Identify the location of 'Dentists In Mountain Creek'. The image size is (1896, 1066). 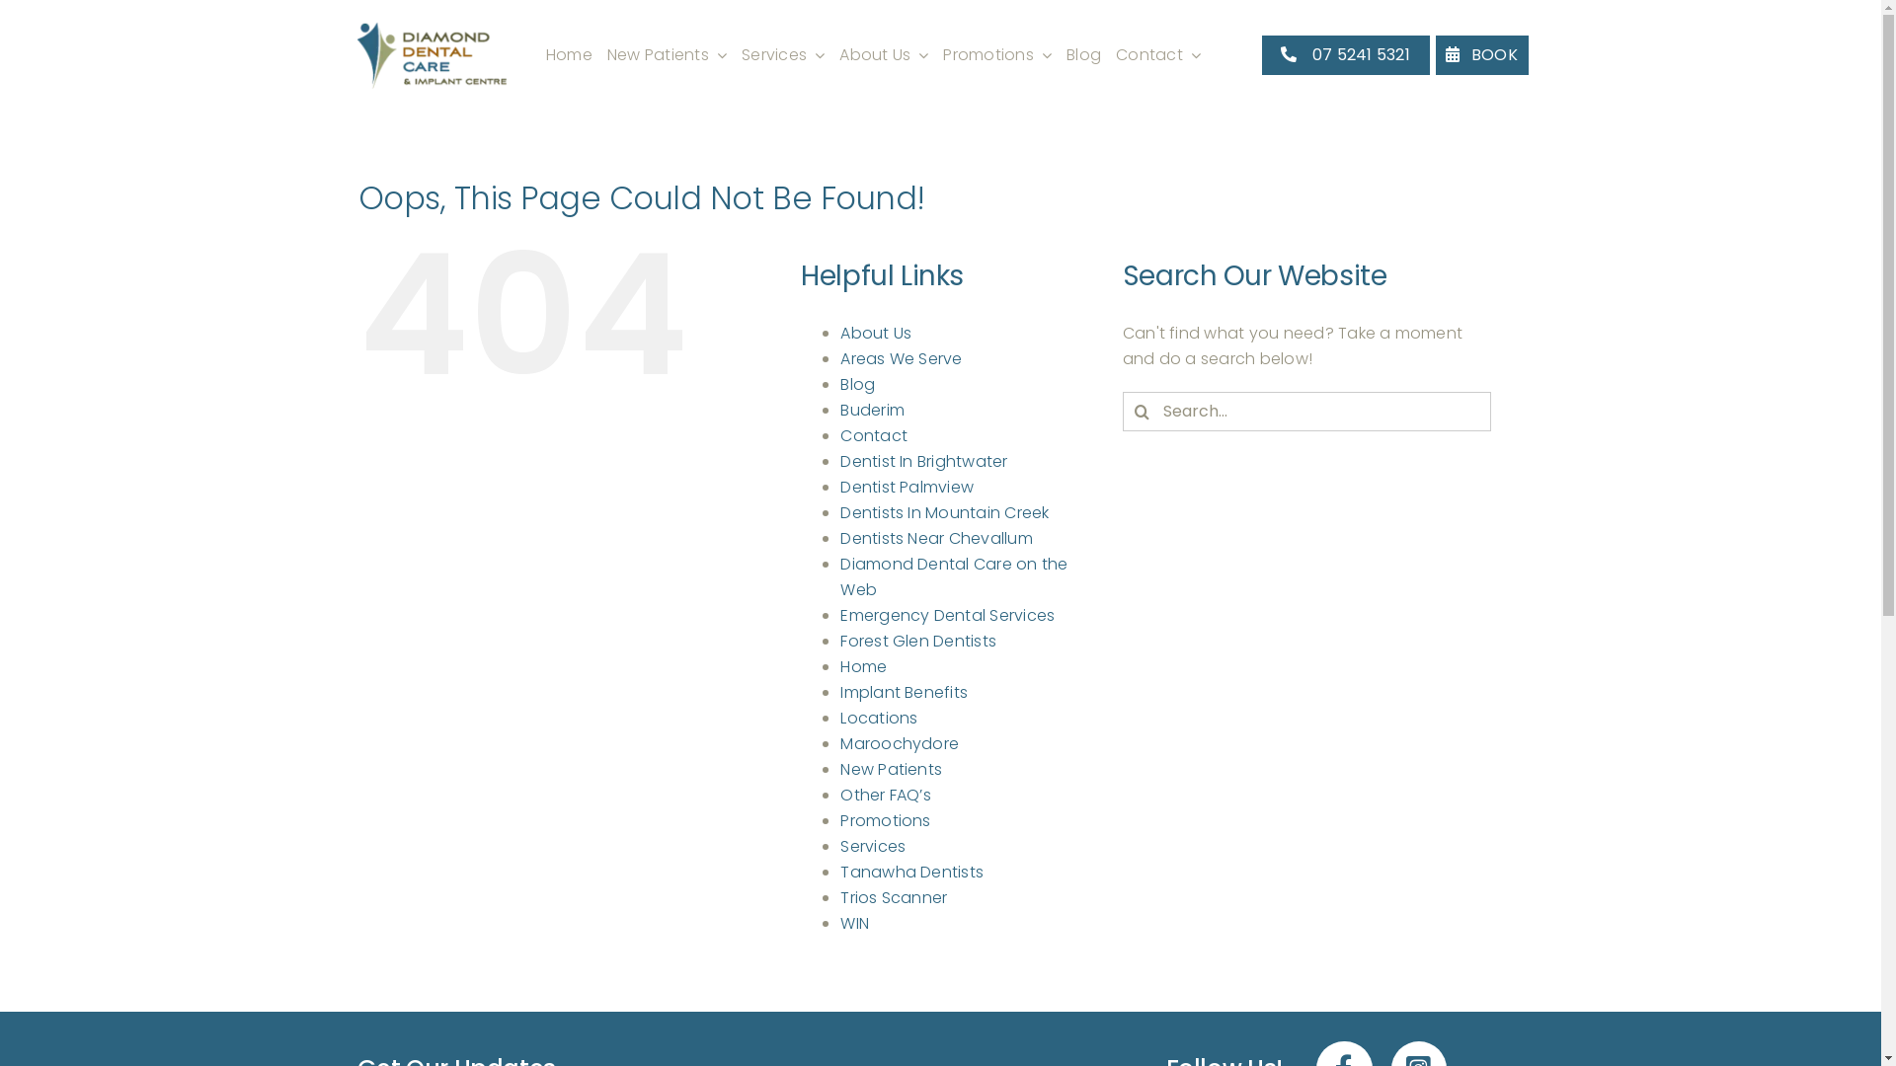
(943, 511).